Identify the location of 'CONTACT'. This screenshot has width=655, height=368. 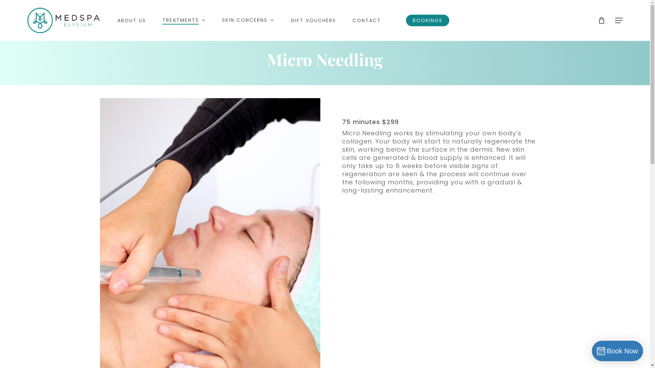
(352, 20).